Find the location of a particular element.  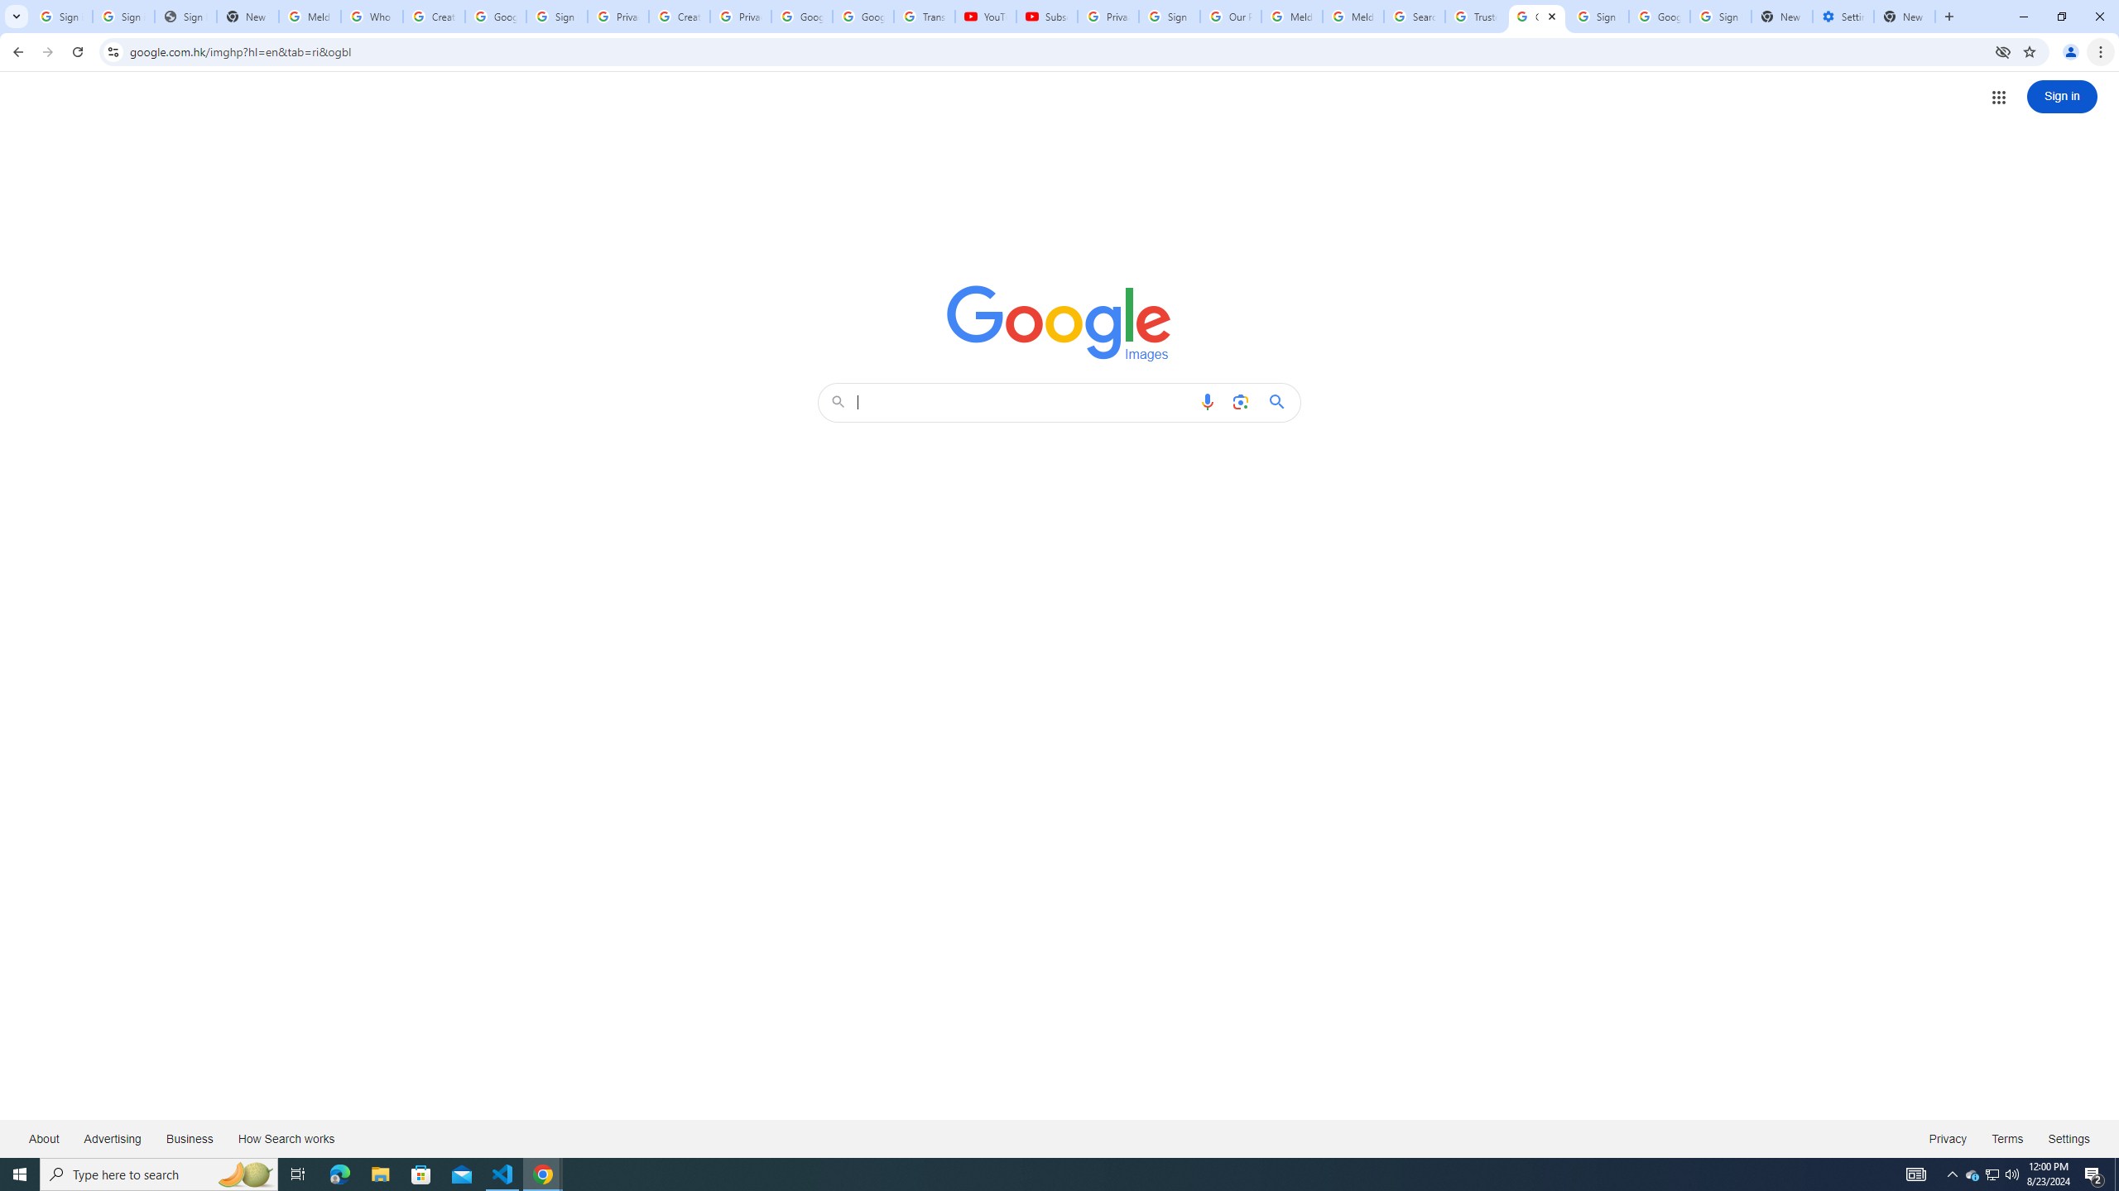

'Who is my administrator? - Google Account Help' is located at coordinates (371, 16).